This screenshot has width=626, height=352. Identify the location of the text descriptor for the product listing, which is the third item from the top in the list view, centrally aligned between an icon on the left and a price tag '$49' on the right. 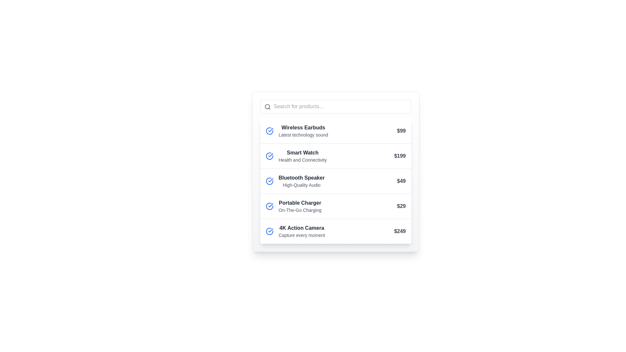
(301, 181).